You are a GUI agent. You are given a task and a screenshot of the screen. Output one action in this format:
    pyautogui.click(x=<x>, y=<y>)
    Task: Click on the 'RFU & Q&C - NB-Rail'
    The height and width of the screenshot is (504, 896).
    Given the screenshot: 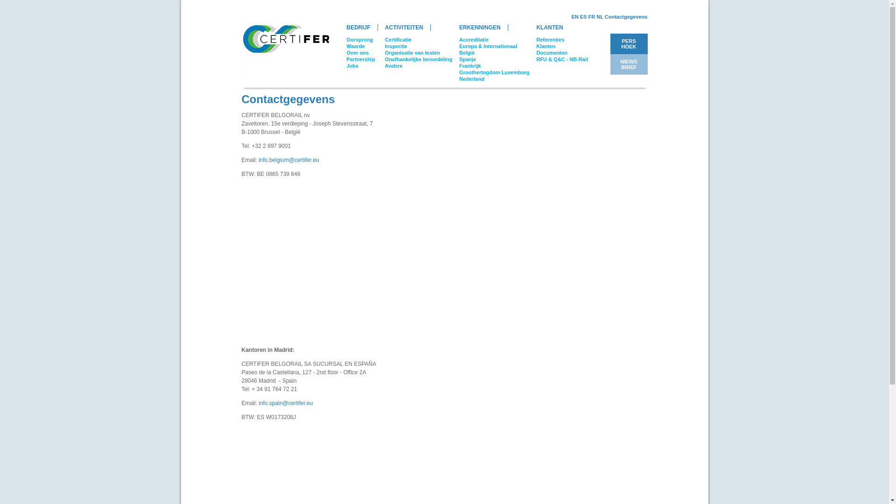 What is the action you would take?
    pyautogui.click(x=536, y=59)
    